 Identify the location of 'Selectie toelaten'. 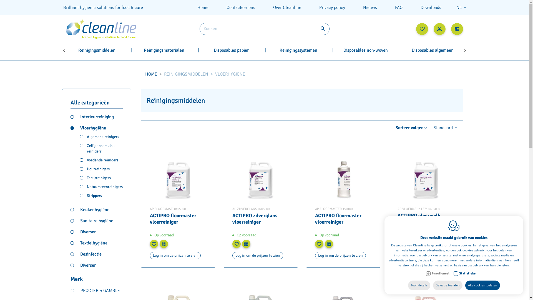
(447, 285).